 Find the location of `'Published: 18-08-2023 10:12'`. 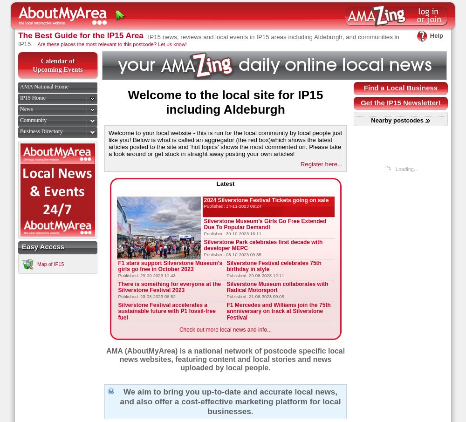

'Published: 18-08-2023 10:12' is located at coordinates (146, 323).